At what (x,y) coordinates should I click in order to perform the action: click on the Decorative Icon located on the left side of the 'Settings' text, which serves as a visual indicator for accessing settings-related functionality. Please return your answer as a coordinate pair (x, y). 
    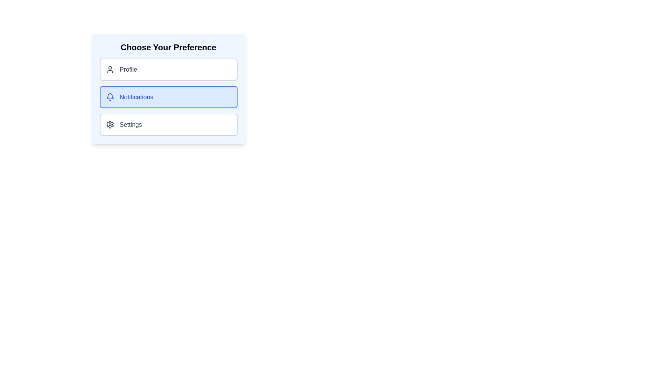
    Looking at the image, I should click on (109, 125).